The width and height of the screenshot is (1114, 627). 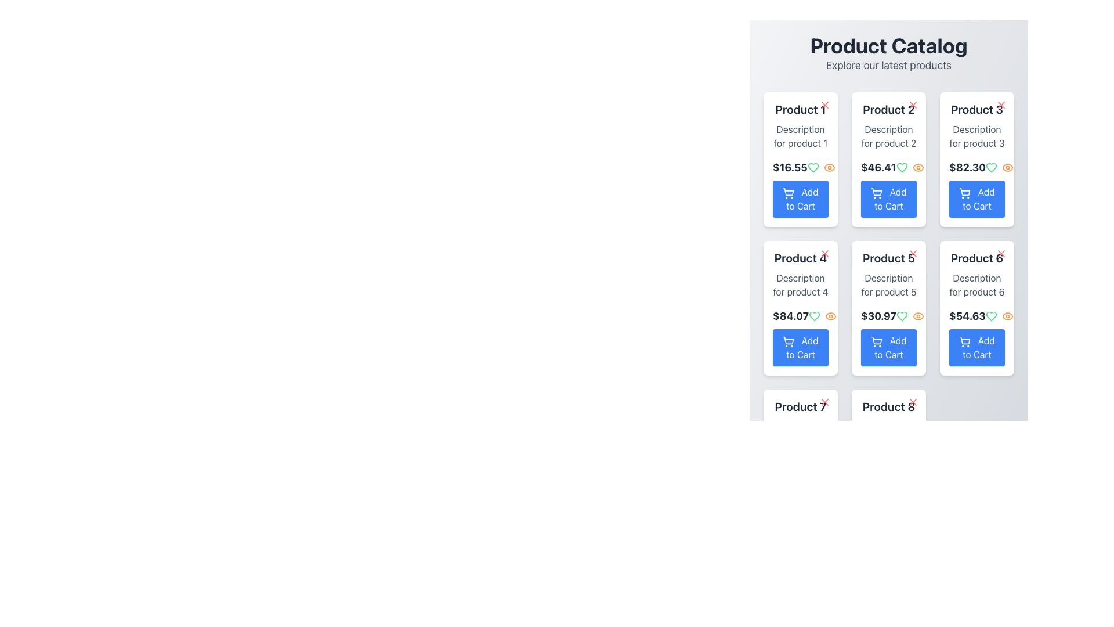 What do you see at coordinates (990, 316) in the screenshot?
I see `the heart-shaped icon` at bounding box center [990, 316].